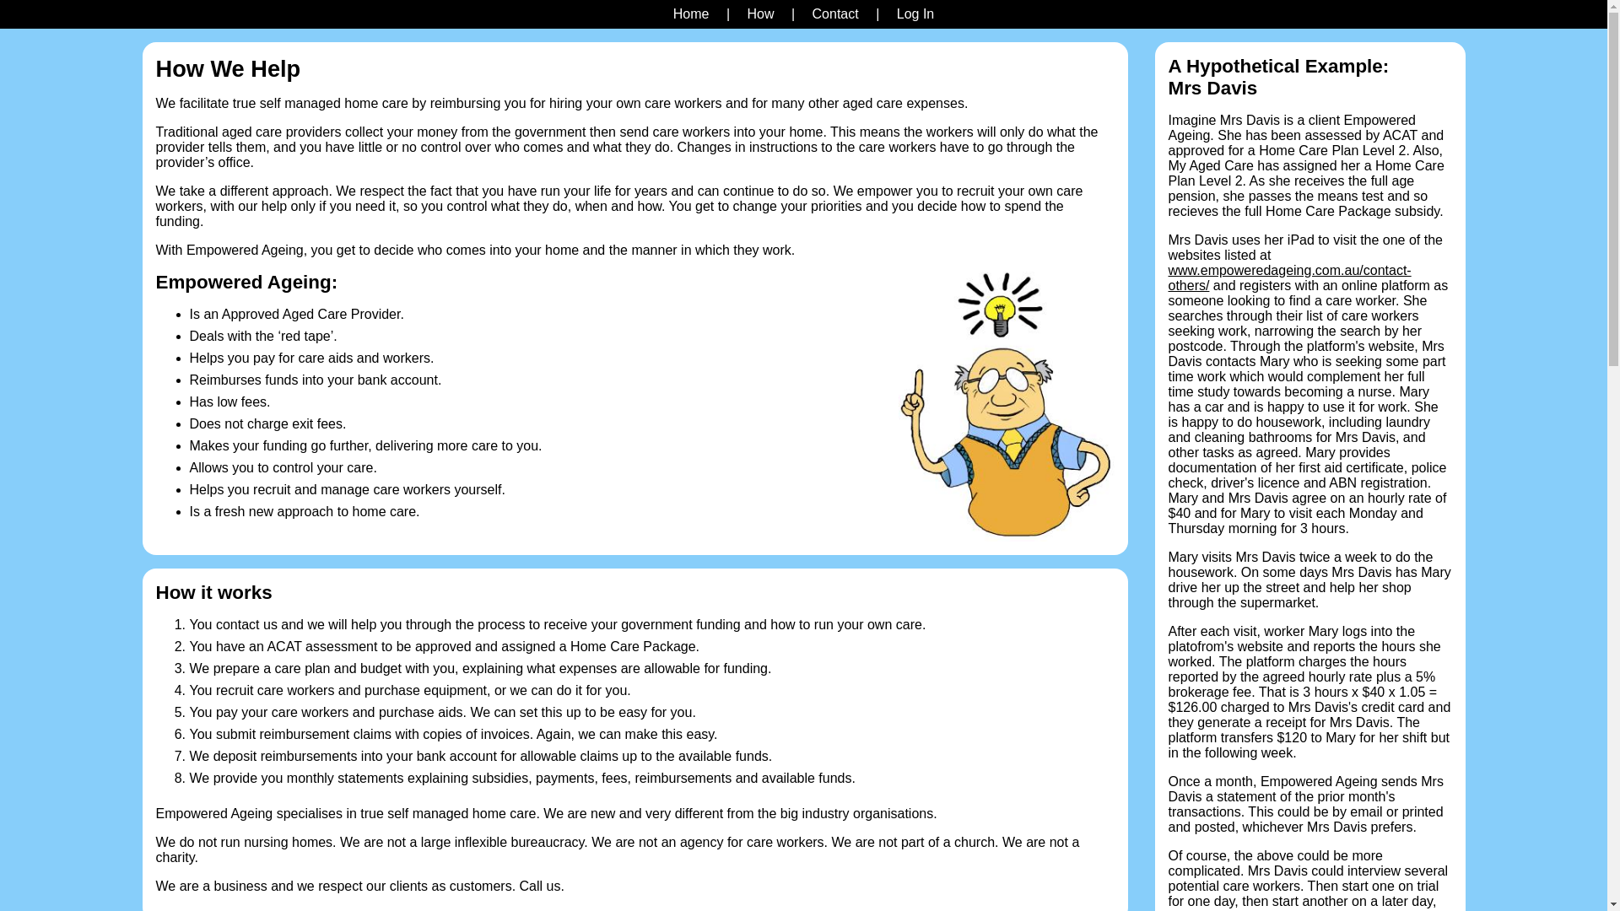 The height and width of the screenshot is (911, 1620). I want to click on 'Home', so click(691, 13).